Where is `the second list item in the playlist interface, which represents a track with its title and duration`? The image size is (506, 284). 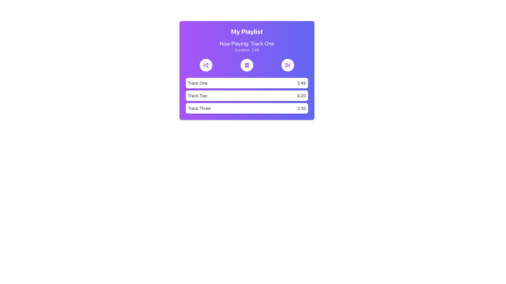
the second list item in the playlist interface, which represents a track with its title and duration is located at coordinates (246, 95).